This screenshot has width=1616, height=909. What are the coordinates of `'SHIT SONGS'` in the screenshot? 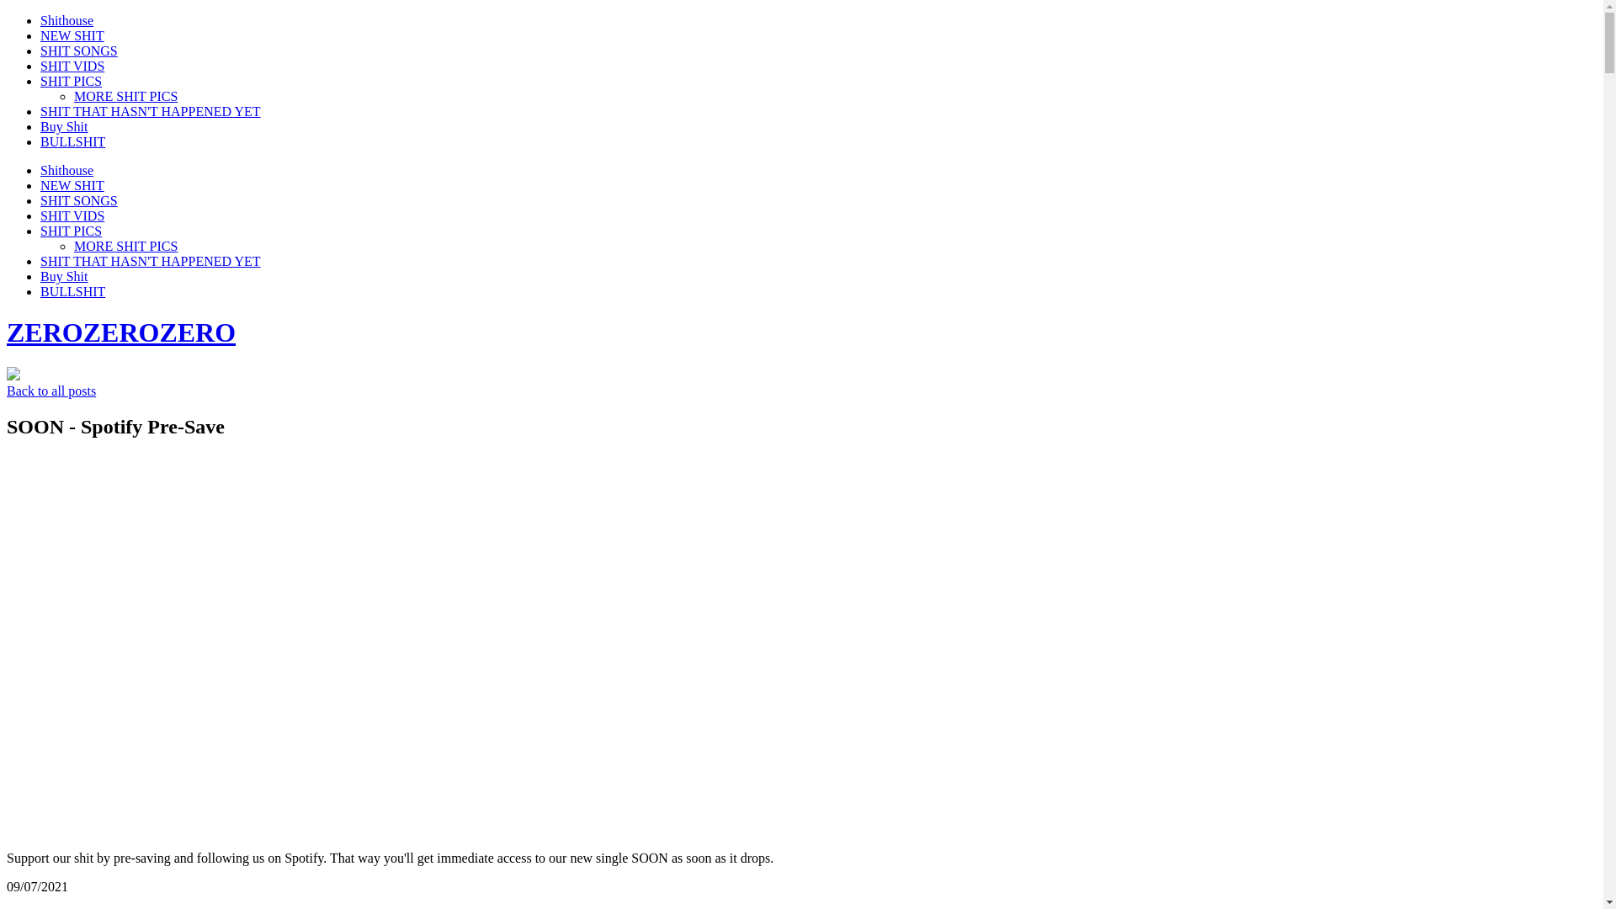 It's located at (78, 199).